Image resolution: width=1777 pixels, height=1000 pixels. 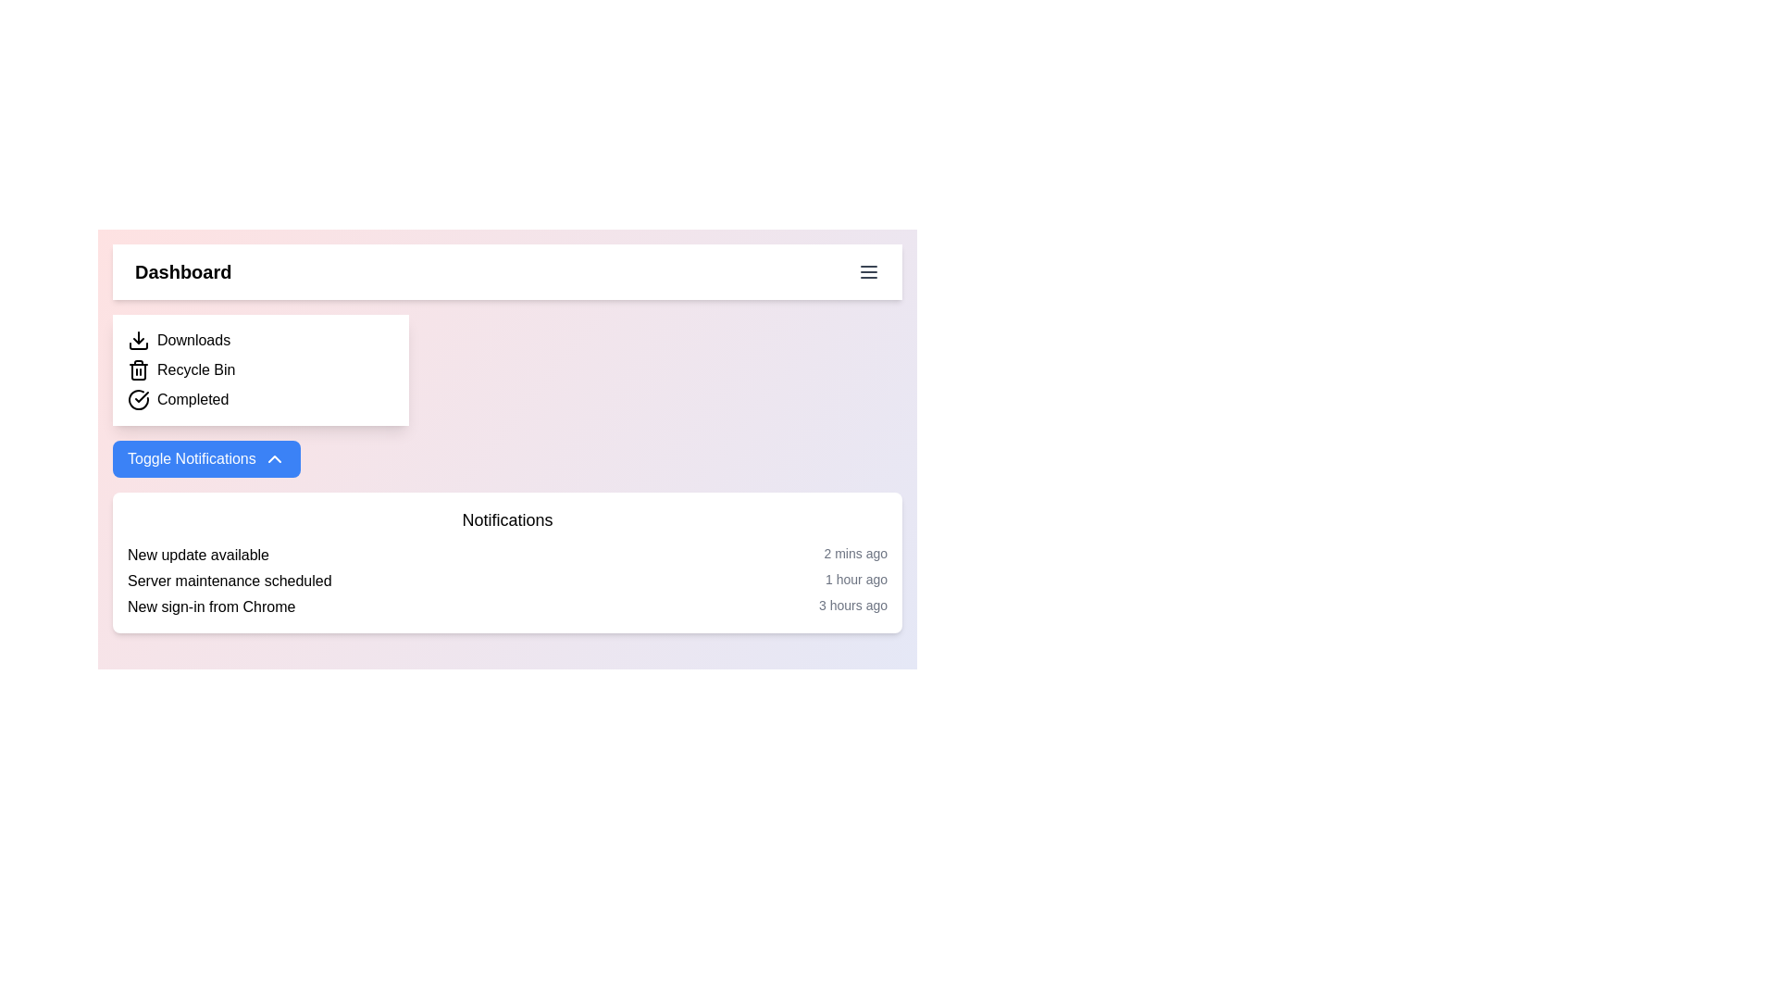 What do you see at coordinates (229, 581) in the screenshot?
I see `the notification text label indicating server maintenance scheduled, which is positioned in the Notifications section and has the text '1 hour ago' to its right` at bounding box center [229, 581].